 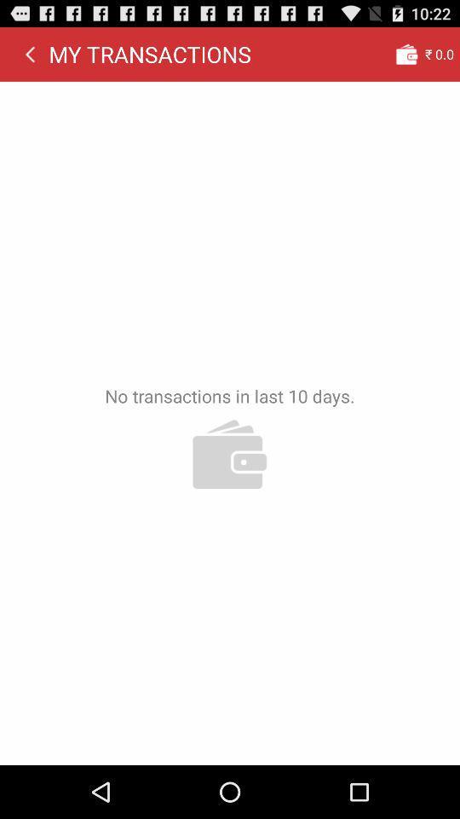 What do you see at coordinates (405, 54) in the screenshot?
I see `the app next to the my transactions` at bounding box center [405, 54].